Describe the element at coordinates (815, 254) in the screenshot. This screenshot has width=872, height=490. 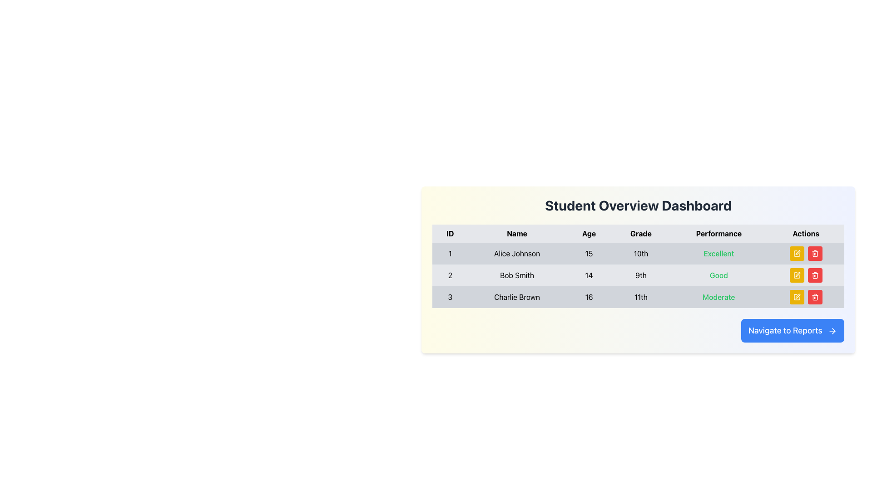
I see `the delete icon button located in the 'Actions' column of the third row representing 'Charlie Brown'` at that location.